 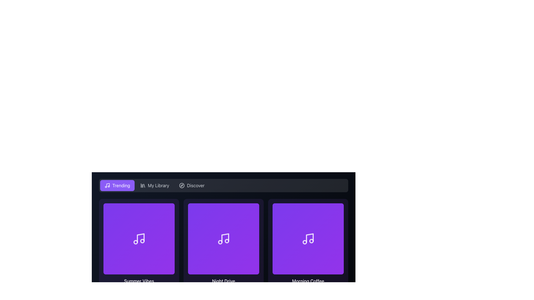 What do you see at coordinates (304, 242) in the screenshot?
I see `the Circular SVG element styled within a music icon, located on the bottom-right of the purple square card labeled 'Morning Coffee'` at bounding box center [304, 242].